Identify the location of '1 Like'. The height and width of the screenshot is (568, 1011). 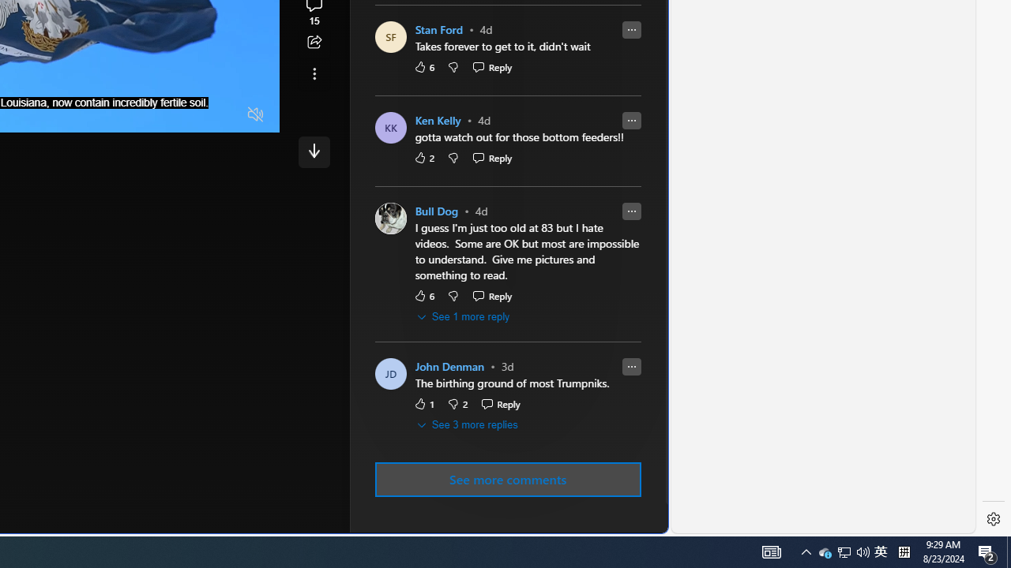
(423, 403).